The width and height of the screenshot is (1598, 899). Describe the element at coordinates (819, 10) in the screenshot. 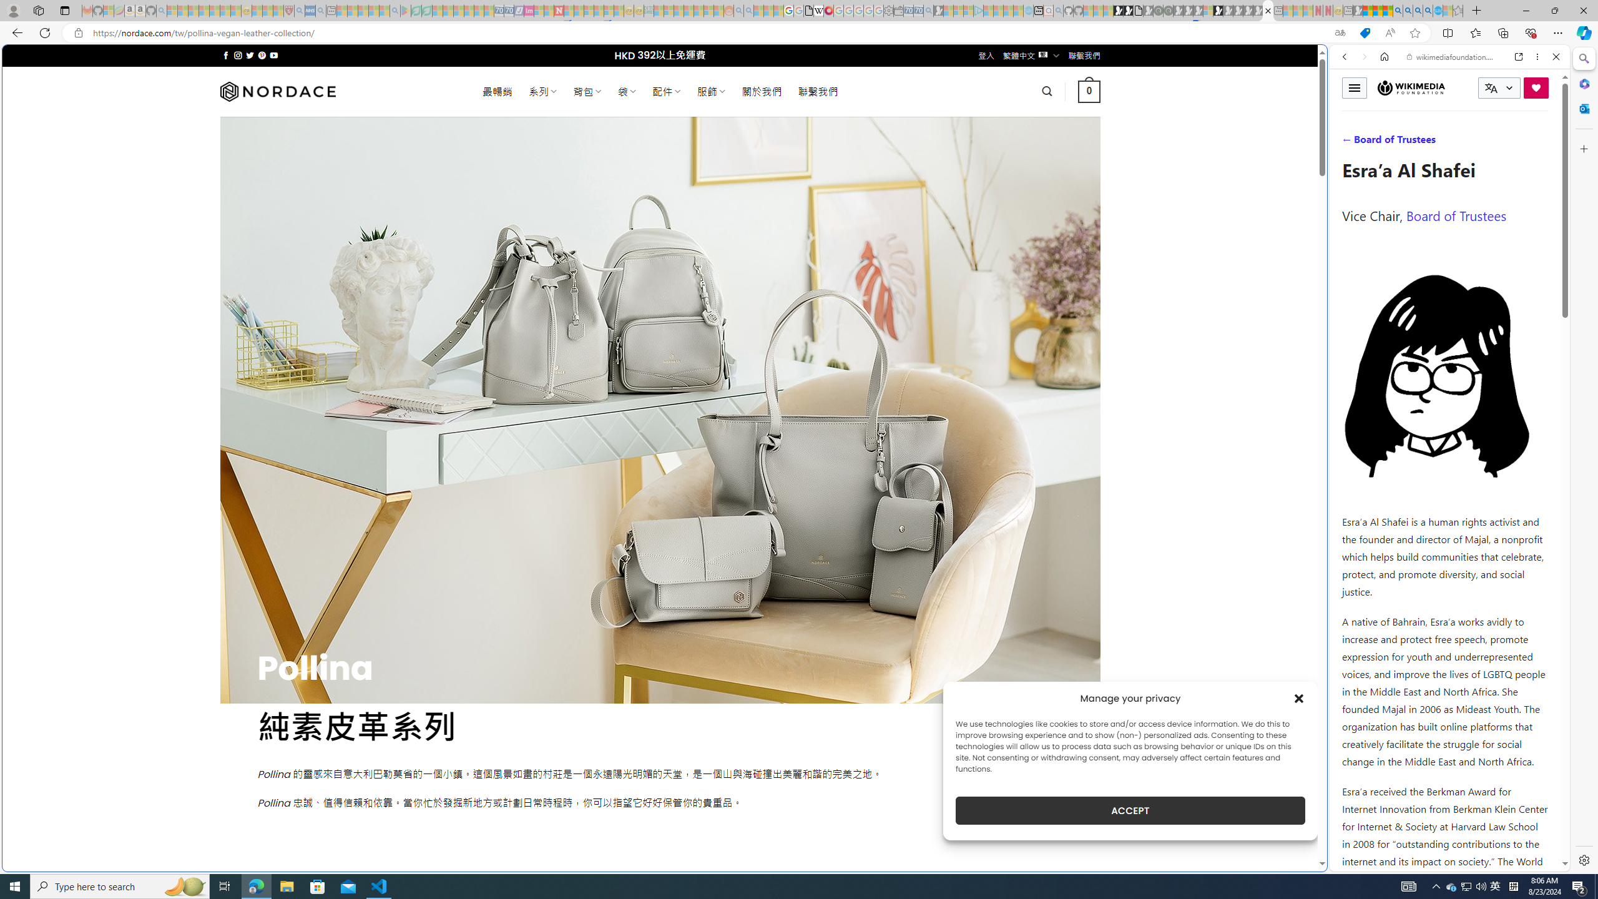

I see `'Target page - Wikipedia'` at that location.